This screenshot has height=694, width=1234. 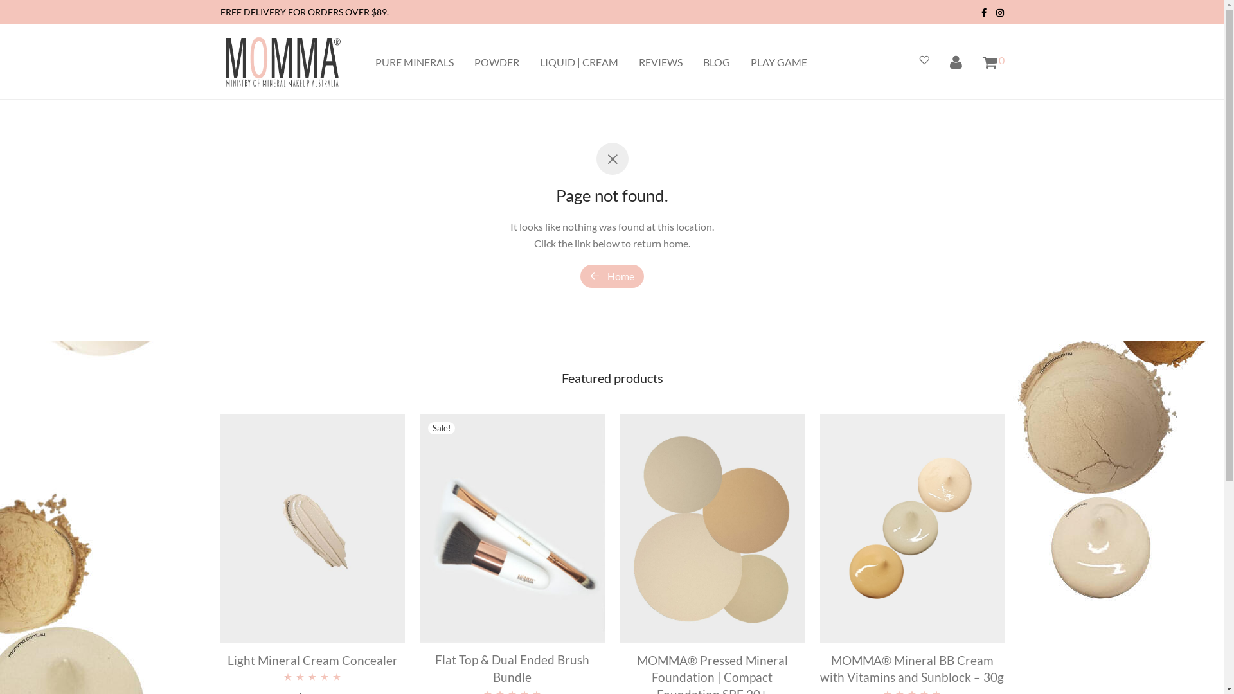 I want to click on 'BLOG', so click(x=715, y=62).